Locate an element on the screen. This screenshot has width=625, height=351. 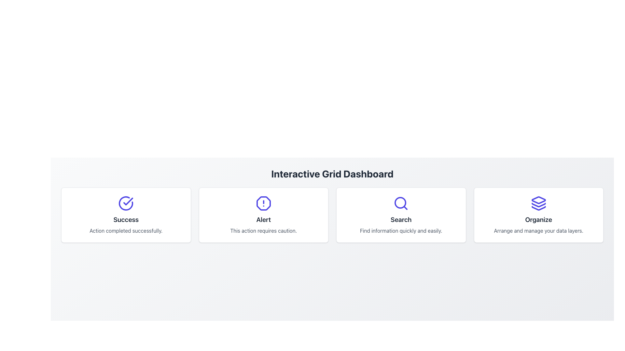
the cautionary text label located at the bottom of the 'Alert' panel, which is visually represented by an octagon icon with an exclamation mark above it is located at coordinates (263, 230).